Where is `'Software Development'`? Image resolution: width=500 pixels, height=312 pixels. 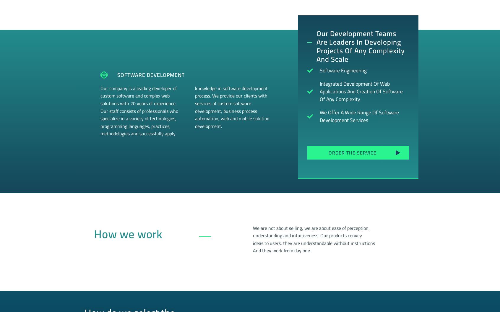
'Software Development' is located at coordinates (151, 74).